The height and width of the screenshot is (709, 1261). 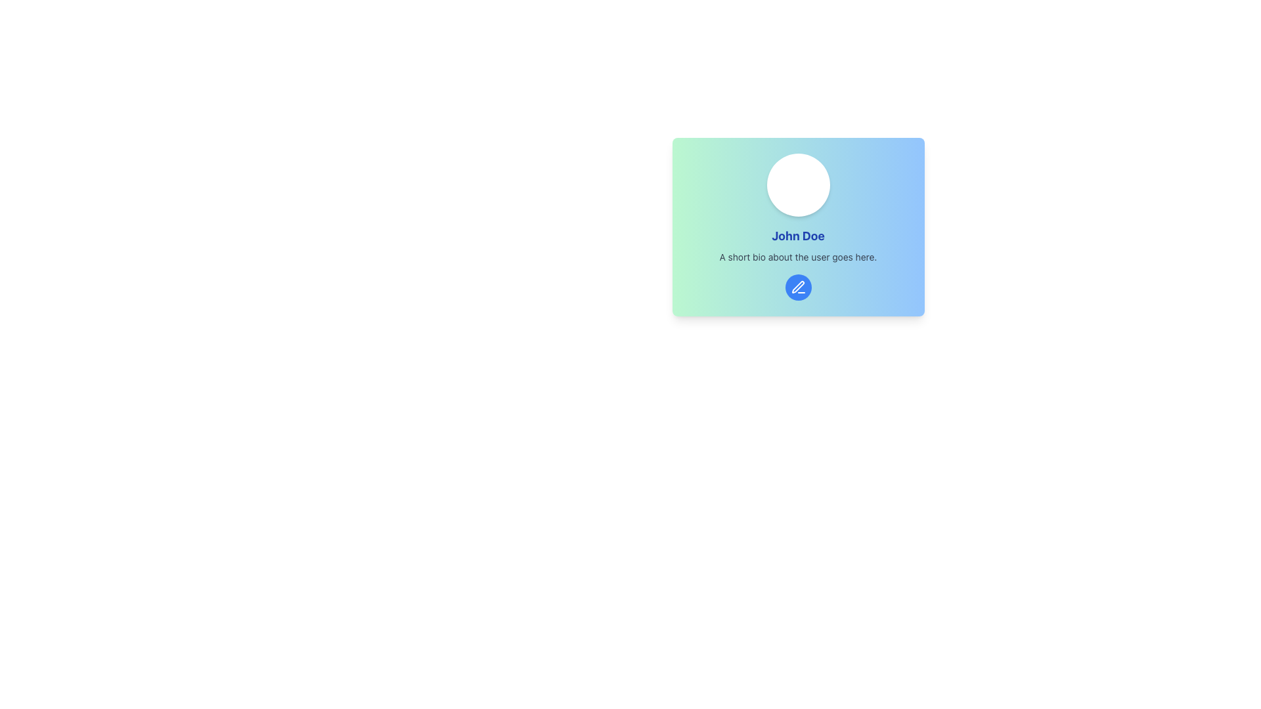 What do you see at coordinates (797, 287) in the screenshot?
I see `the edit button located below the text 'A short bio about the user goes here.'` at bounding box center [797, 287].